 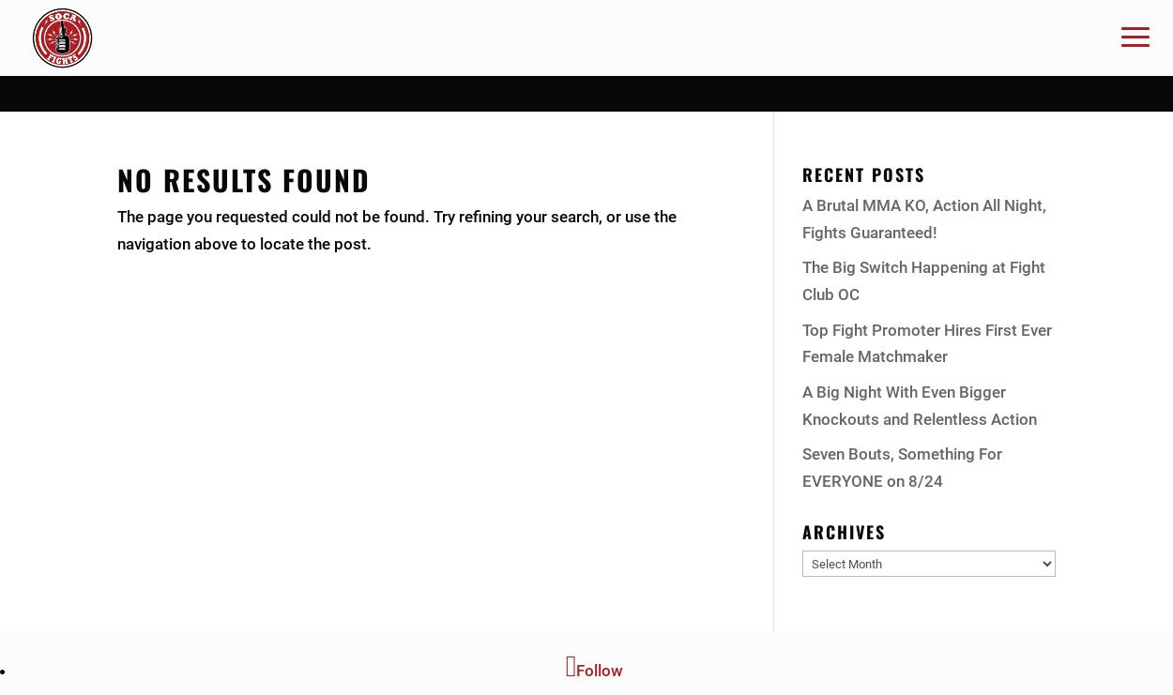 What do you see at coordinates (844, 530) in the screenshot?
I see `'Archives'` at bounding box center [844, 530].